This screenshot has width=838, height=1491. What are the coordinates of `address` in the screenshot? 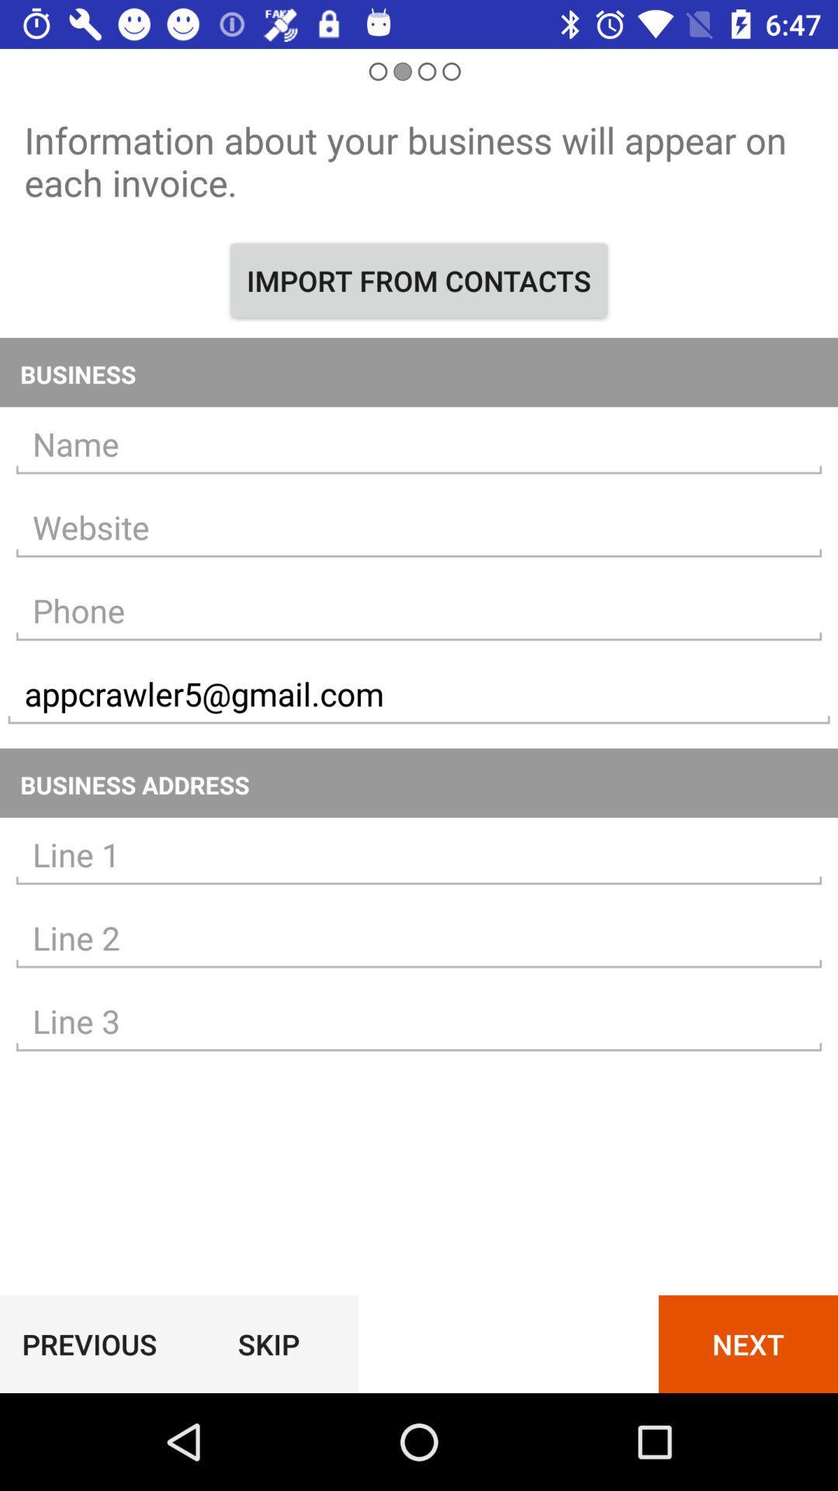 It's located at (419, 937).